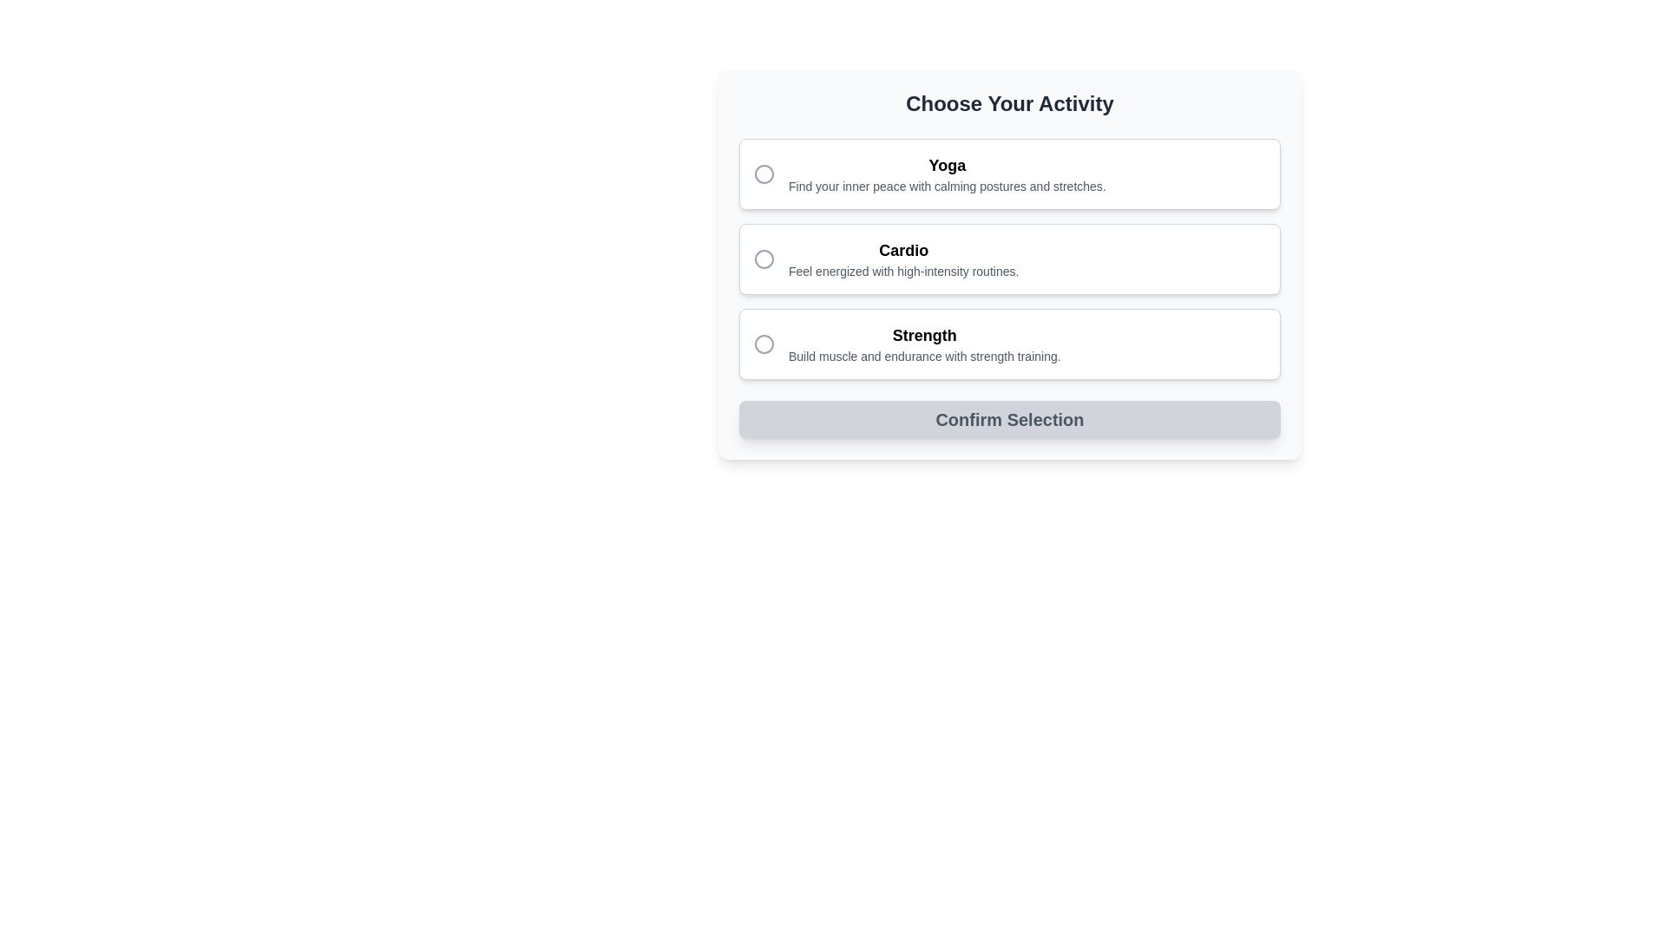  What do you see at coordinates (906, 344) in the screenshot?
I see `the icon on the third clickable card labeled 'Strength' in the vertical list of activity choices` at bounding box center [906, 344].